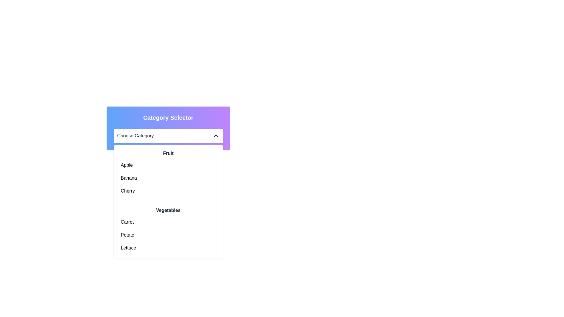  Describe the element at coordinates (168, 248) in the screenshot. I see `to select the 'Lettuce' option from the dropdown menu located under the 'Vegetables' category` at that location.